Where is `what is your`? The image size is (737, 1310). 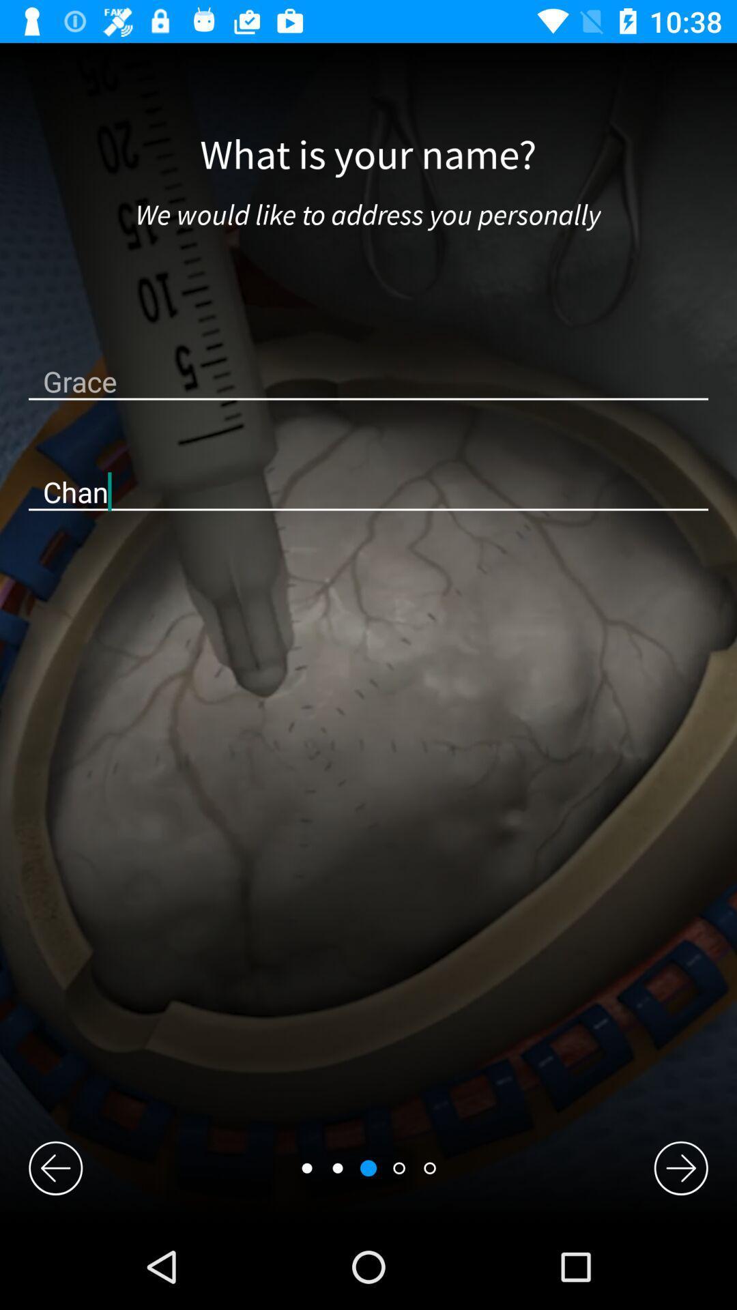
what is your is located at coordinates (367, 156).